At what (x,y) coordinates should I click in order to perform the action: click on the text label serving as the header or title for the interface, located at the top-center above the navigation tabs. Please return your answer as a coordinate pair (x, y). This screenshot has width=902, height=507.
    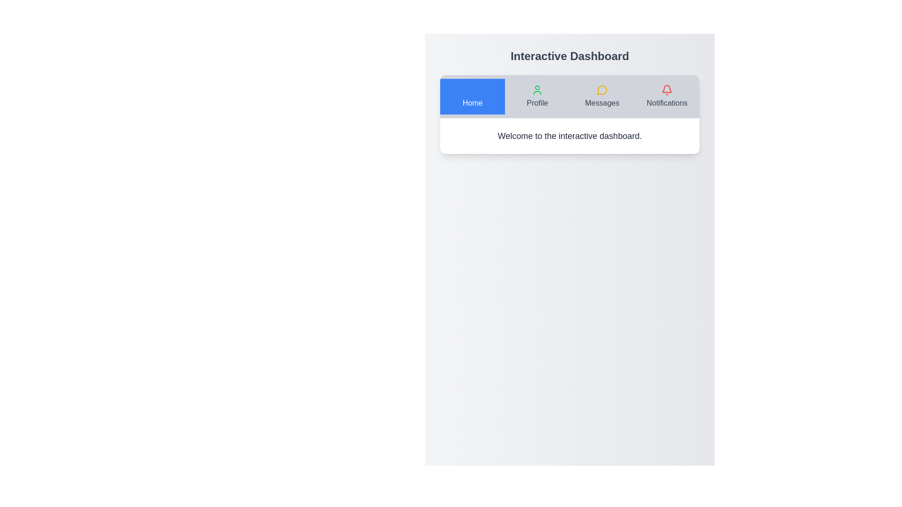
    Looking at the image, I should click on (569, 56).